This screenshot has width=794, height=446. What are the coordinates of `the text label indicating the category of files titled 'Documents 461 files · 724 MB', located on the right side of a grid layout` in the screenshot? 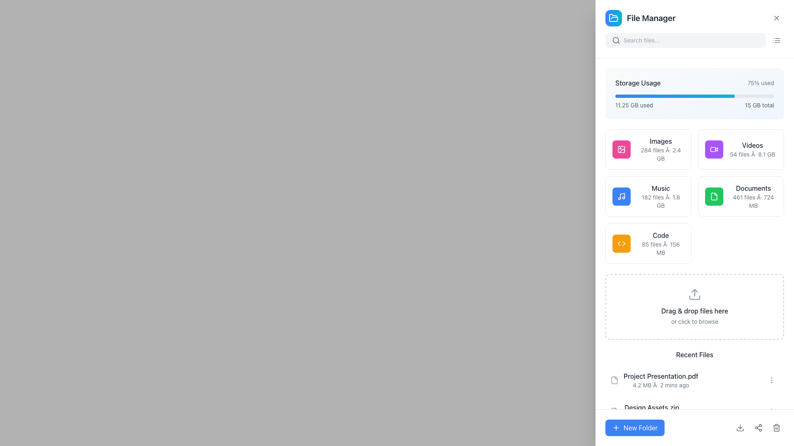 It's located at (753, 188).